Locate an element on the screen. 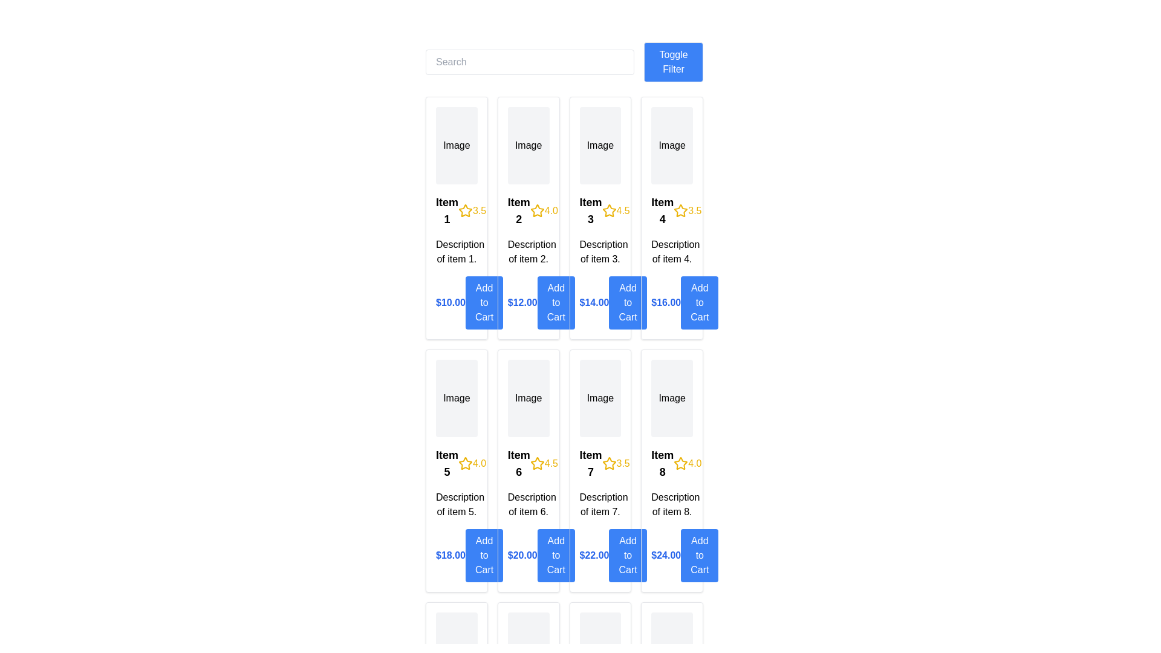  the bold blue text label displaying '$10.00' located above the 'Add to Cart' button and below the description of 'Item 1' is located at coordinates (450, 302).